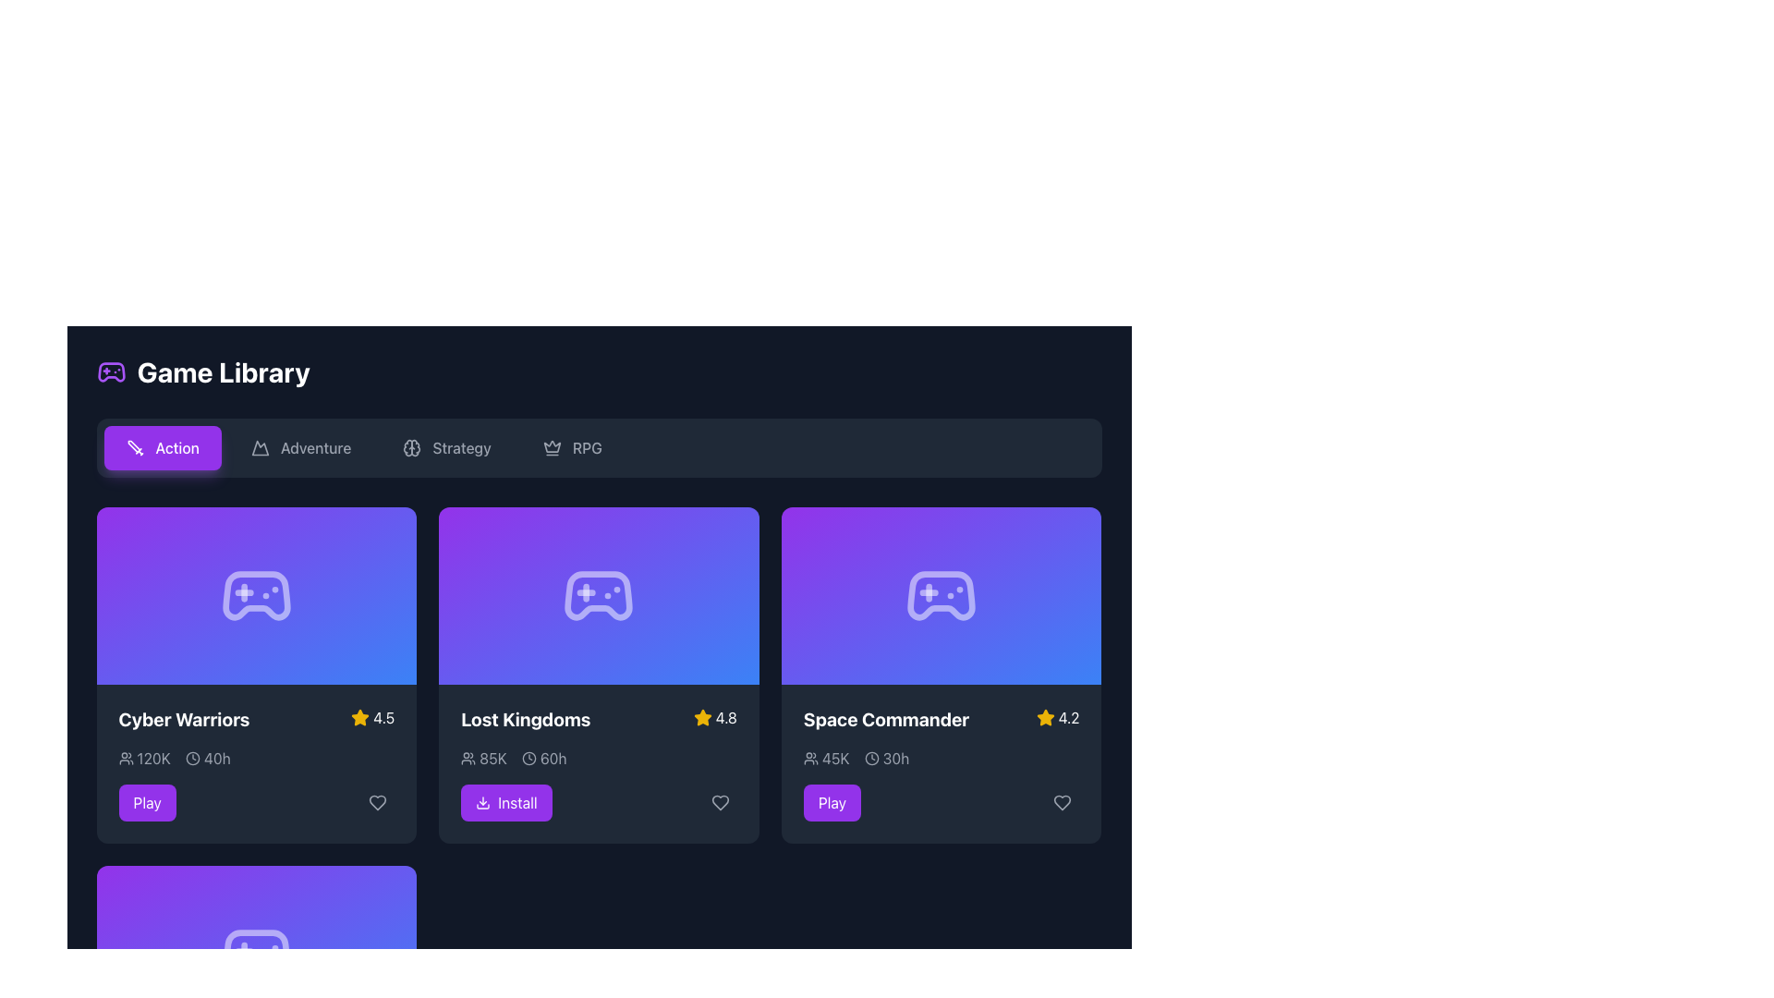 This screenshot has height=998, width=1774. Describe the element at coordinates (143, 759) in the screenshot. I see `text indicating the estimated number of users or participants associated with 'Cyber Warriors', located in the lower left portion of the card above the '40h' label` at that location.